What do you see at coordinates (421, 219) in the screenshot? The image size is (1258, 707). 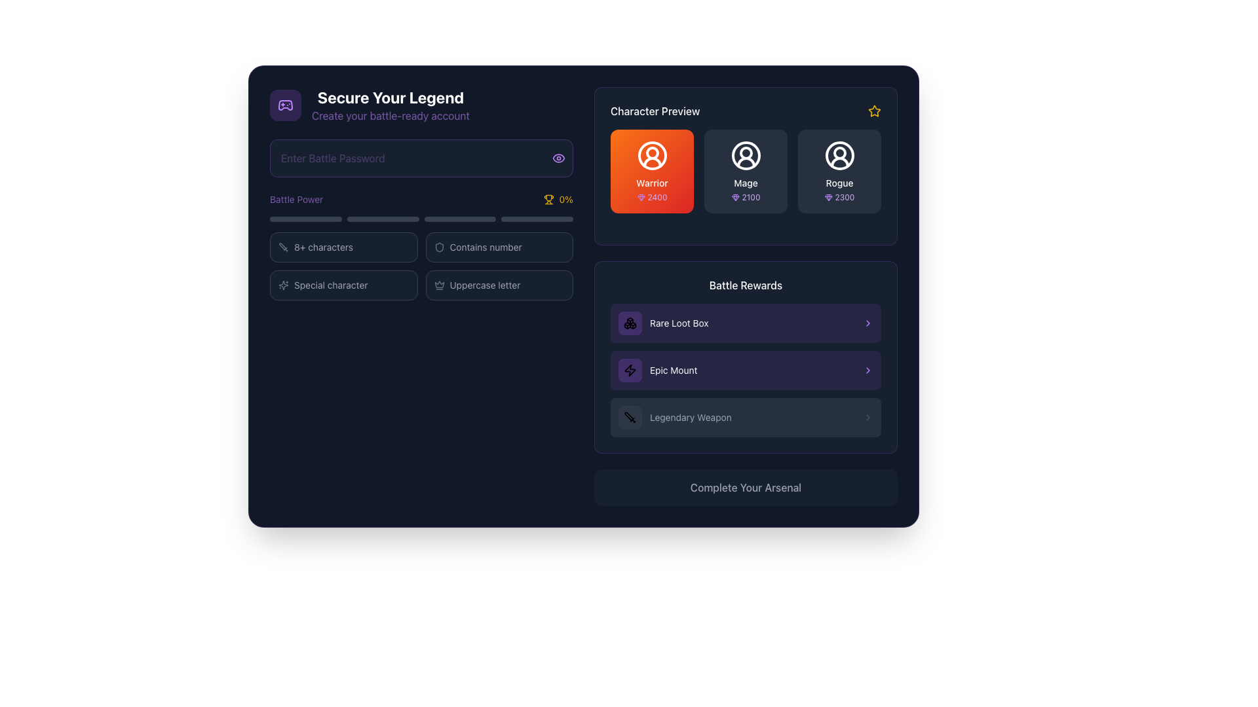 I see `the Progress indicator bar segmented into four parts located under the 'Battle Power' section` at bounding box center [421, 219].